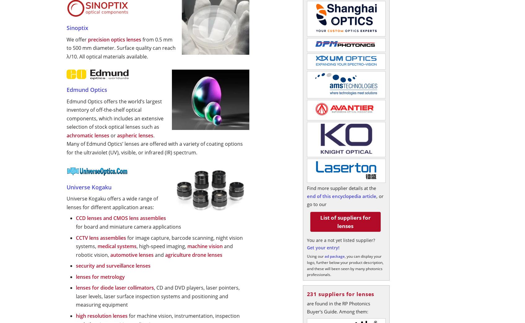 This screenshot has width=525, height=323. Describe the element at coordinates (135, 135) in the screenshot. I see `'aspheric lenses'` at that location.